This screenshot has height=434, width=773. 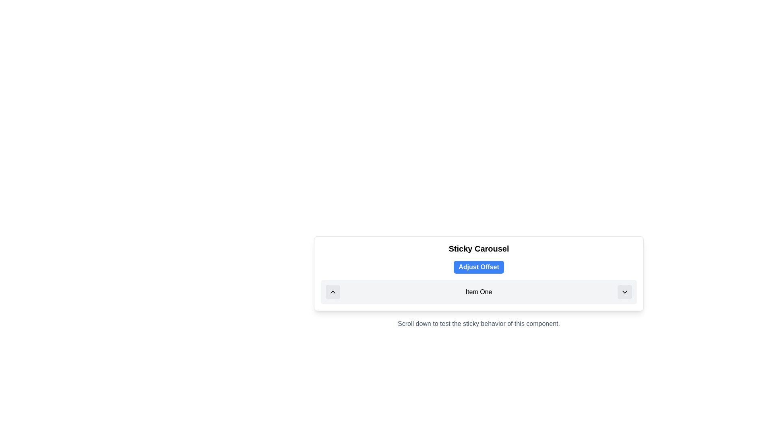 What do you see at coordinates (624, 292) in the screenshot?
I see `the toggle button located next to the text label 'Item One' to change its background shade` at bounding box center [624, 292].